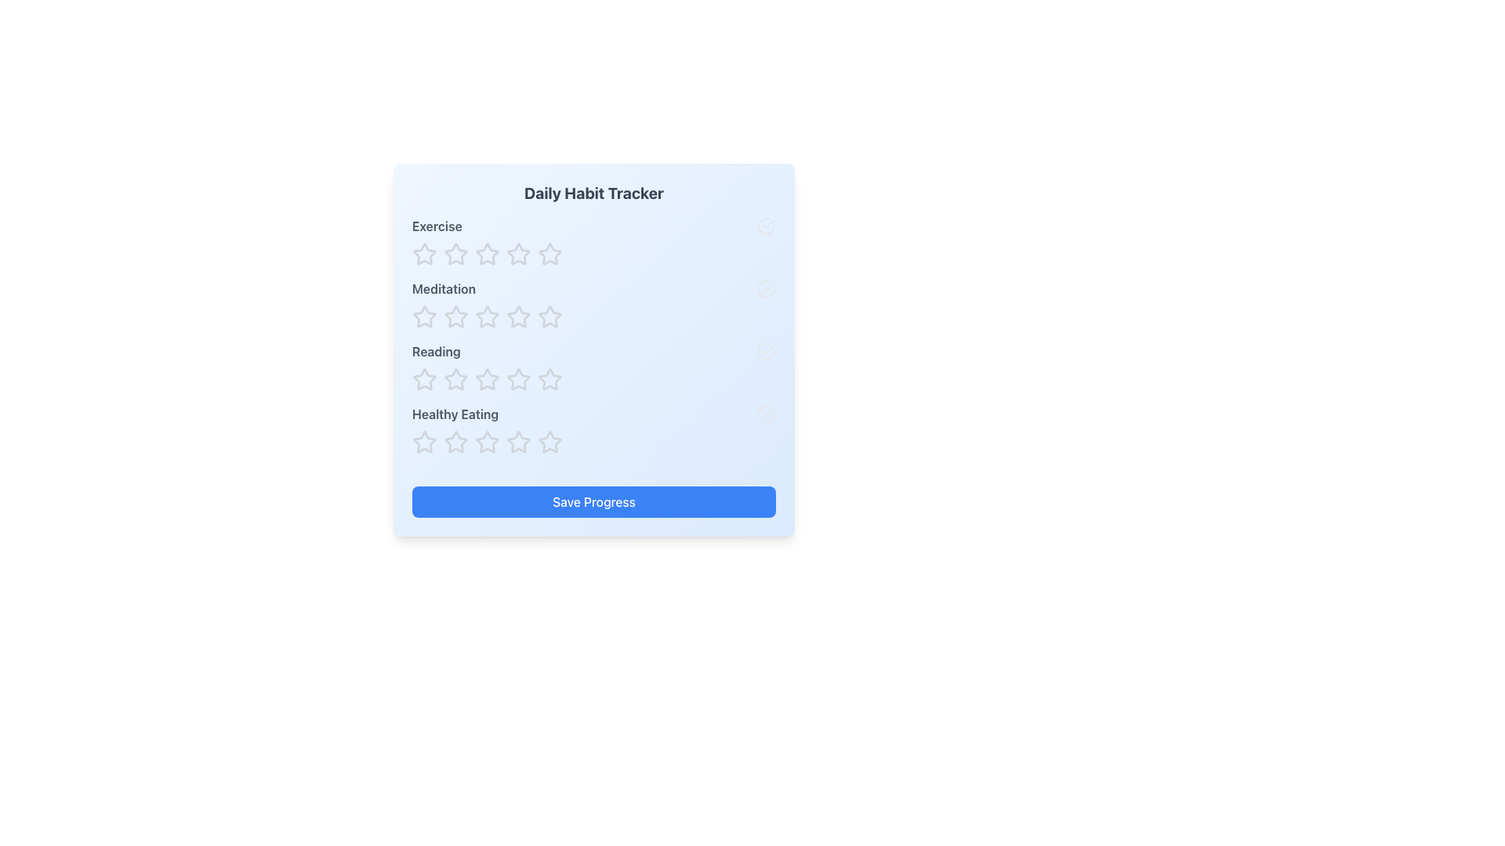 This screenshot has width=1505, height=846. I want to click on the third interactive rating star used for rating 'Reading', so click(455, 380).